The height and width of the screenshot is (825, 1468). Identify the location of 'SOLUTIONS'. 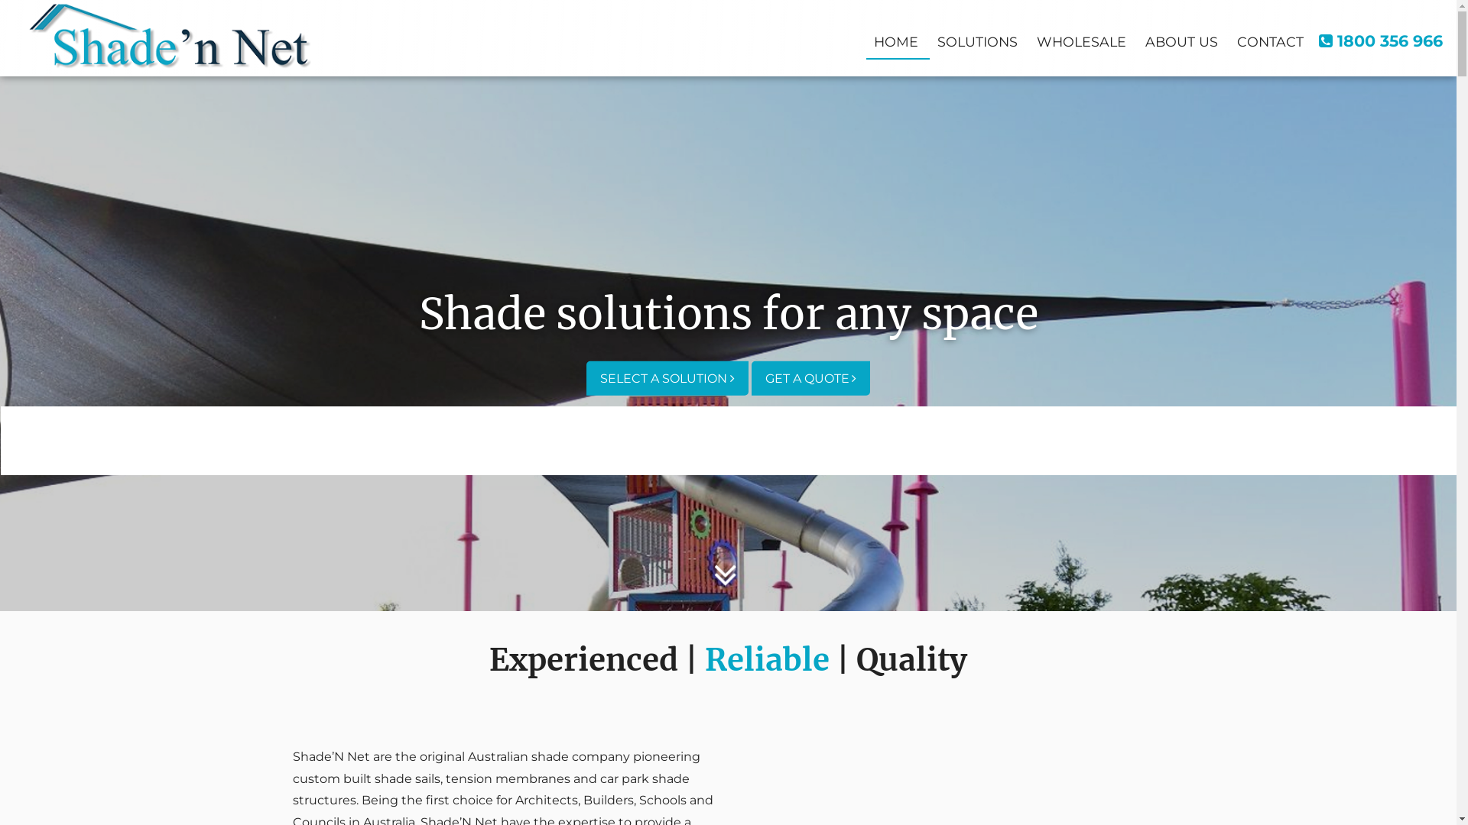
(976, 39).